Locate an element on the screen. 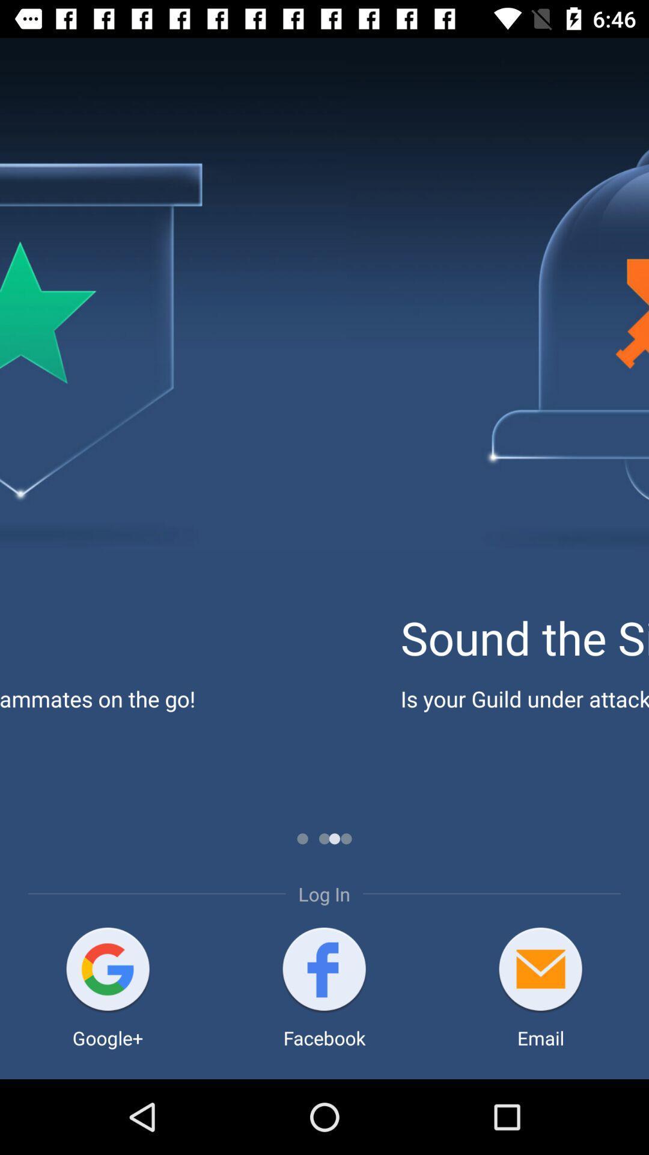 This screenshot has width=649, height=1155. app above google+ item is located at coordinates (107, 970).